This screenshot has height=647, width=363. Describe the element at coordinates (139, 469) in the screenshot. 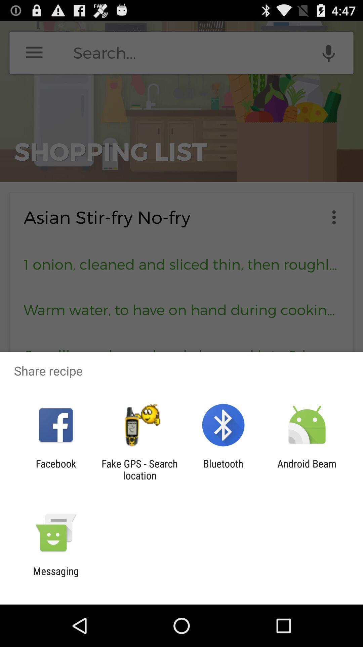

I see `icon next to bluetooth` at that location.